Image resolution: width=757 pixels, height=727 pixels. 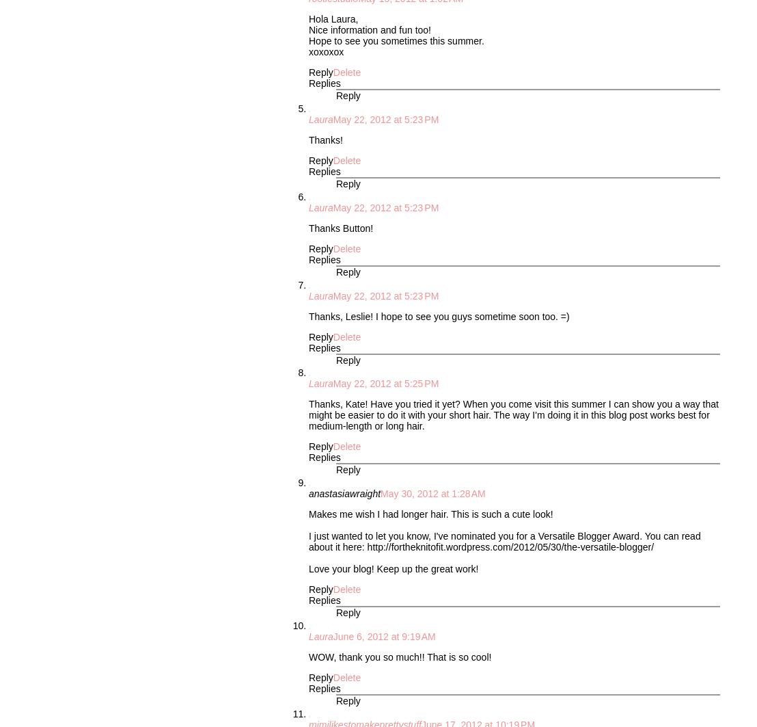 What do you see at coordinates (400, 655) in the screenshot?
I see `'WOW, thank you so much!!  That is so cool!'` at bounding box center [400, 655].